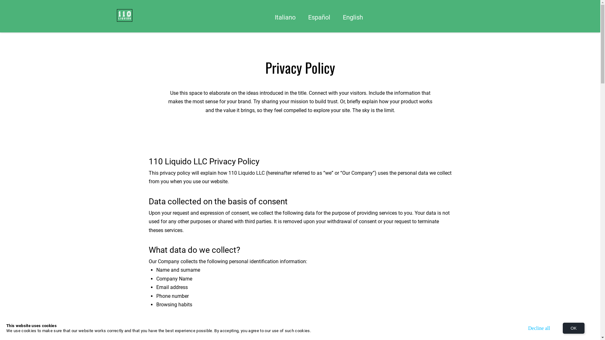 The width and height of the screenshot is (605, 340). I want to click on 'English', so click(352, 17).